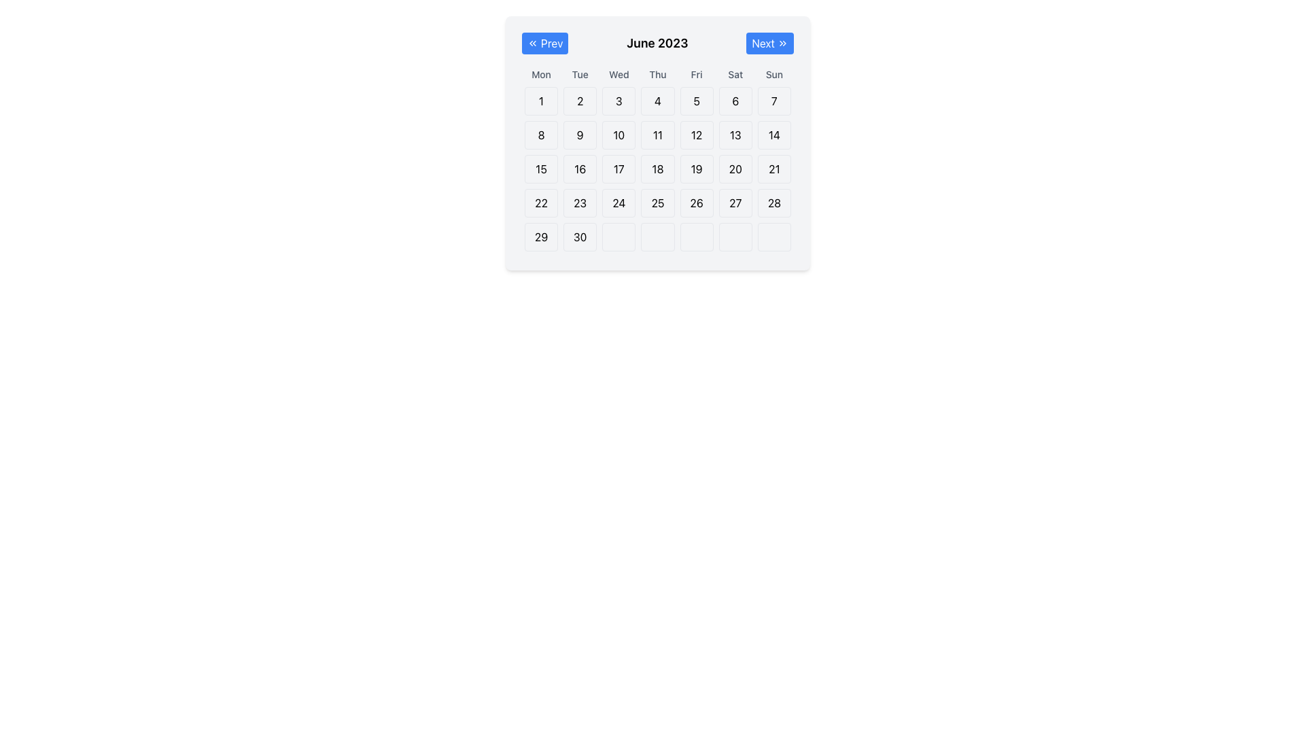 This screenshot has height=734, width=1305. What do you see at coordinates (580, 75) in the screenshot?
I see `the text label displaying 'Tue', which is the second weekday header in the calendar interface` at bounding box center [580, 75].